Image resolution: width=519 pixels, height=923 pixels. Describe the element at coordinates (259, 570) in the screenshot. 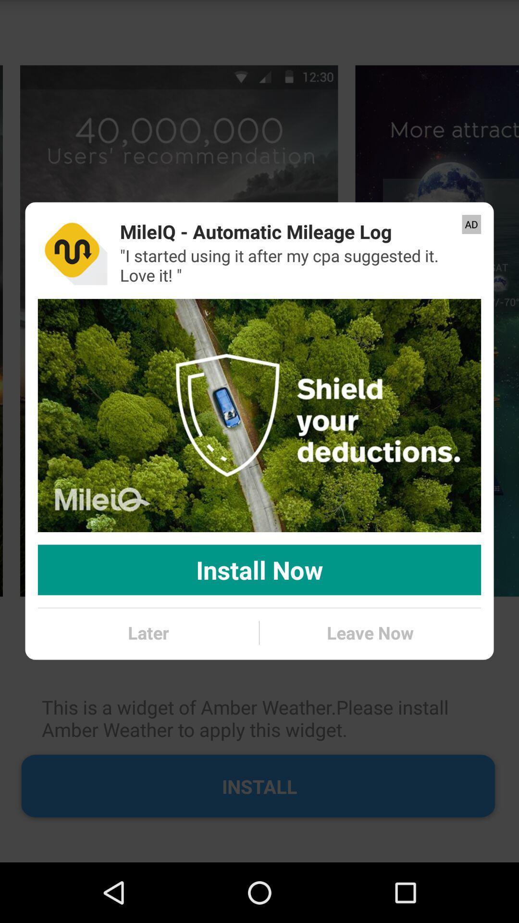

I see `install now app` at that location.